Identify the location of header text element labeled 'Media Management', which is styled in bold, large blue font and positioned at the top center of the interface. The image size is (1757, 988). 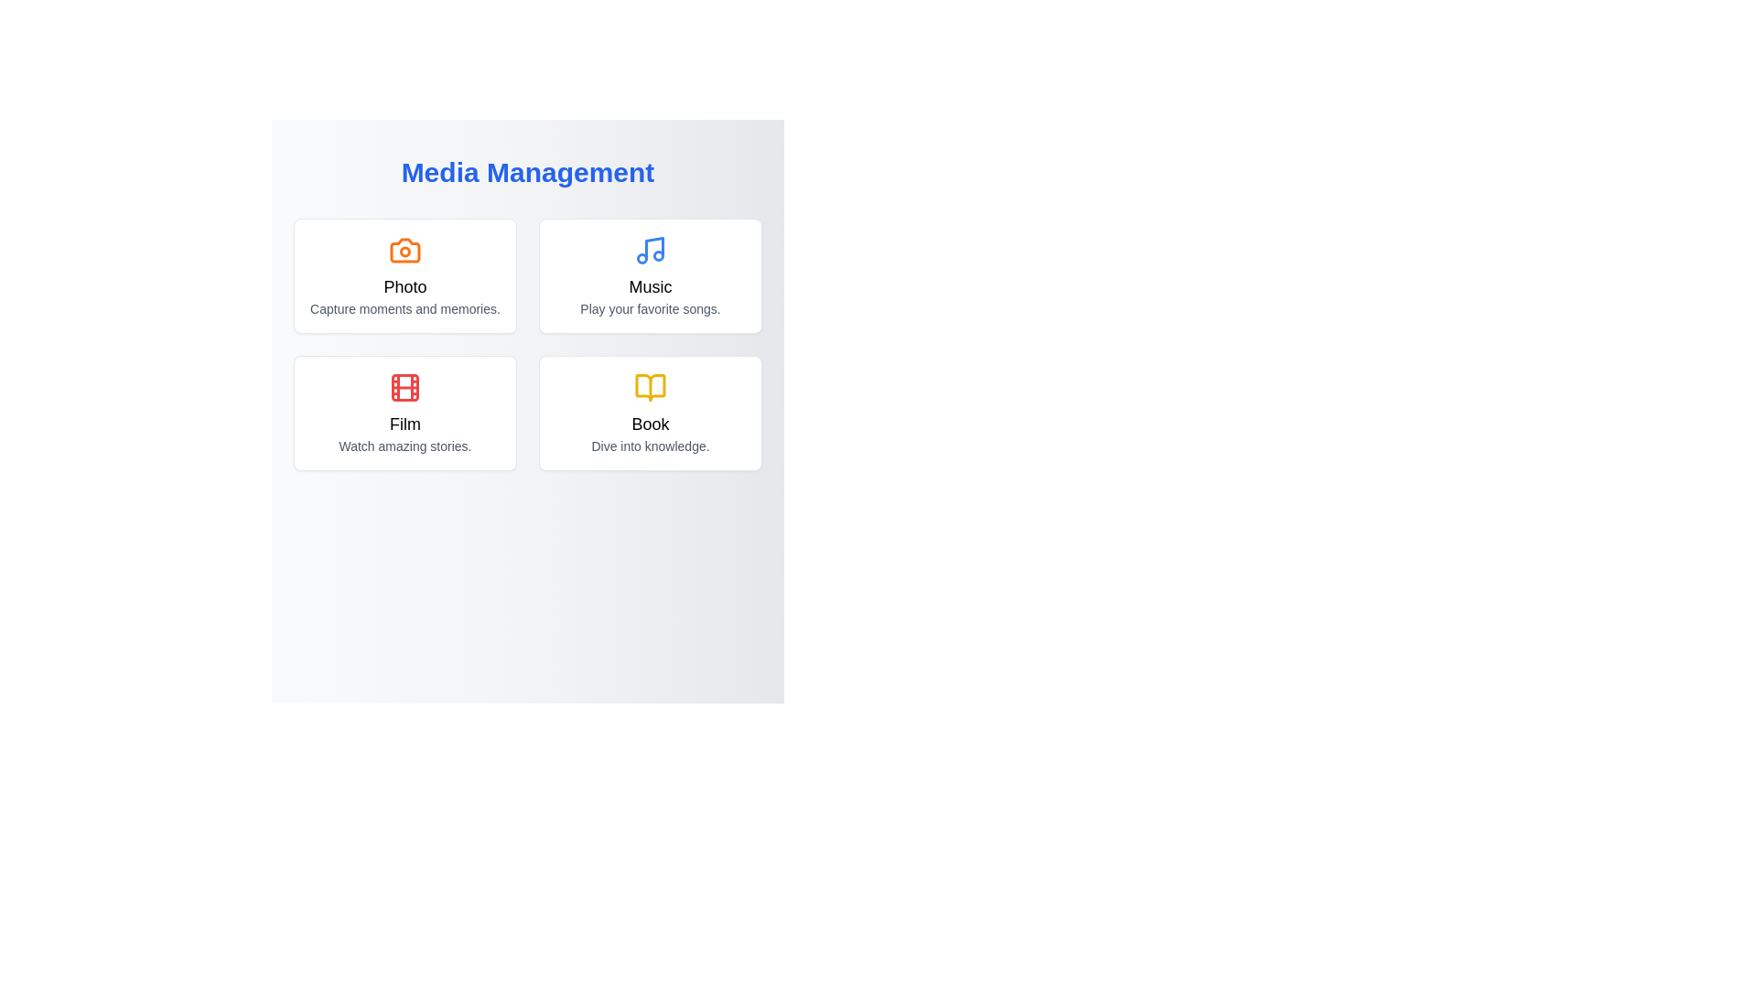
(526, 173).